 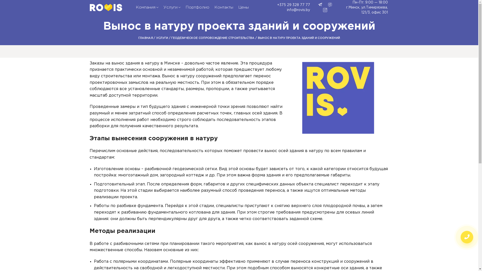 I want to click on 'telegram', so click(x=318, y=5).